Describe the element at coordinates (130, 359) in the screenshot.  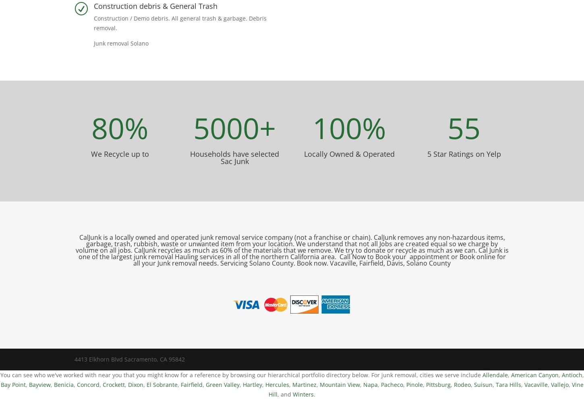
I see `'4413 Elkhorn Blvd
Sacramento, CA 95842'` at that location.